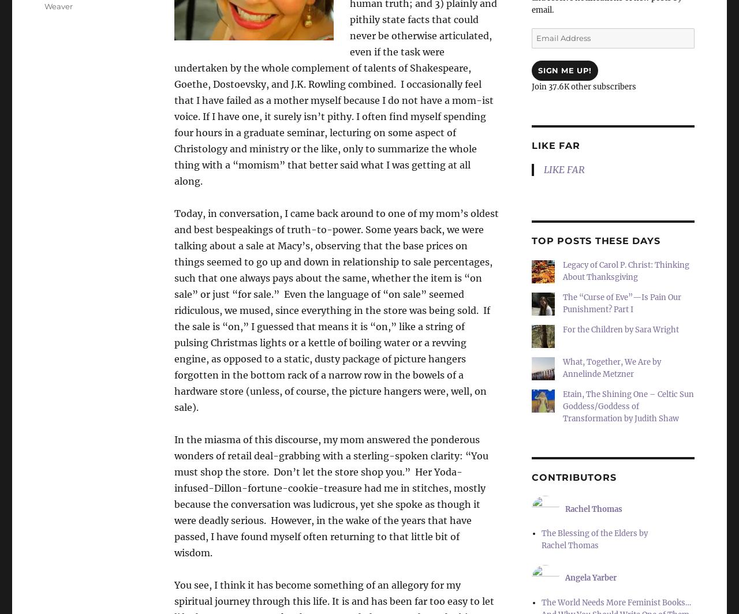  What do you see at coordinates (594, 540) in the screenshot?
I see `'The Blessing of the Elders by Rachel Thomas'` at bounding box center [594, 540].